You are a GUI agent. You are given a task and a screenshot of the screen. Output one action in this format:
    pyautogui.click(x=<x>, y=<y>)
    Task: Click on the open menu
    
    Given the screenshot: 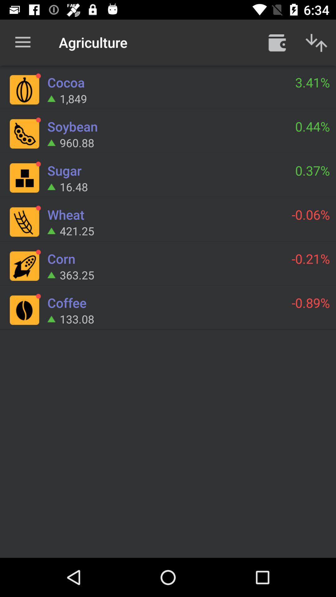 What is the action you would take?
    pyautogui.click(x=277, y=42)
    